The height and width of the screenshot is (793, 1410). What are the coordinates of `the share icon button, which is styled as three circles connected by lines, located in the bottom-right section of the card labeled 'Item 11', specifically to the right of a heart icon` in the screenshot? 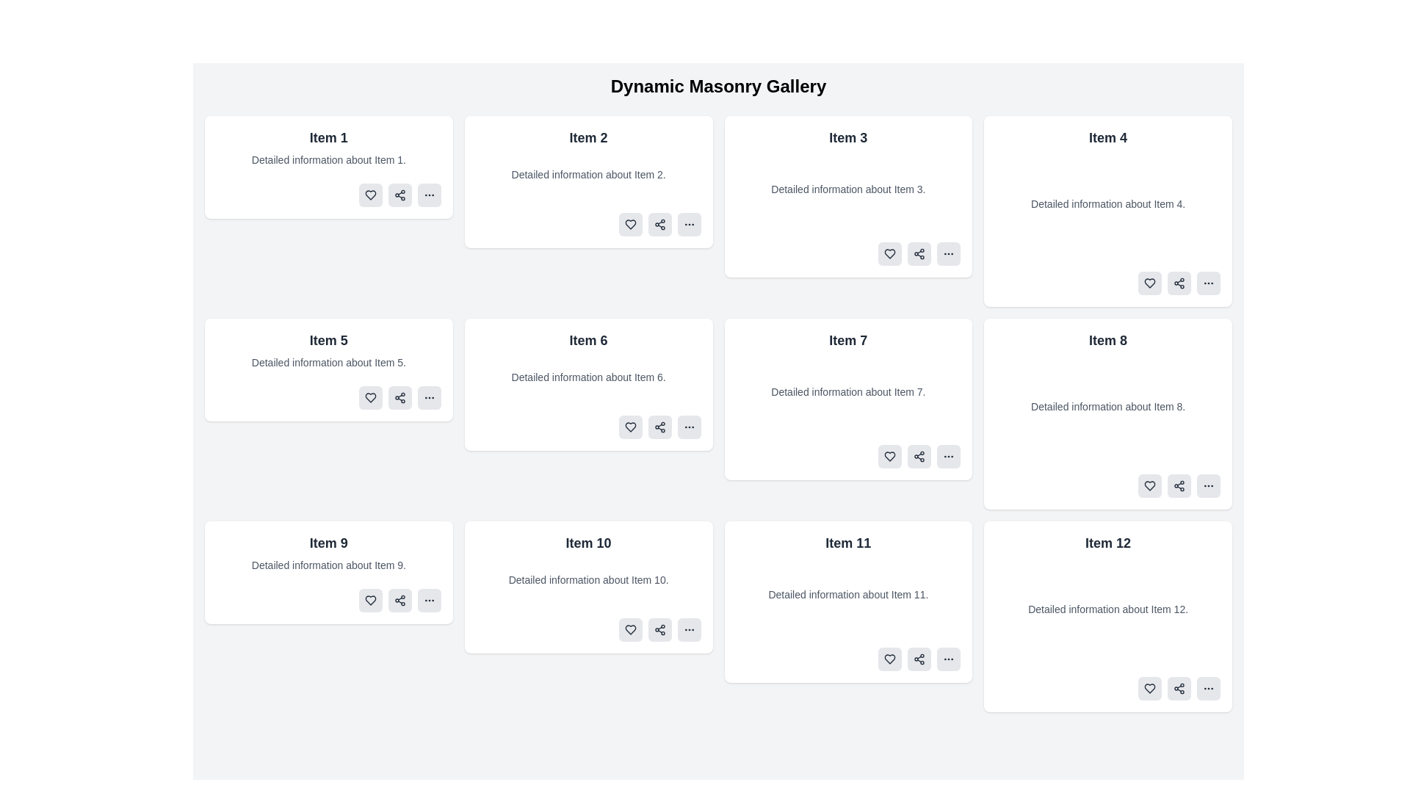 It's located at (919, 659).